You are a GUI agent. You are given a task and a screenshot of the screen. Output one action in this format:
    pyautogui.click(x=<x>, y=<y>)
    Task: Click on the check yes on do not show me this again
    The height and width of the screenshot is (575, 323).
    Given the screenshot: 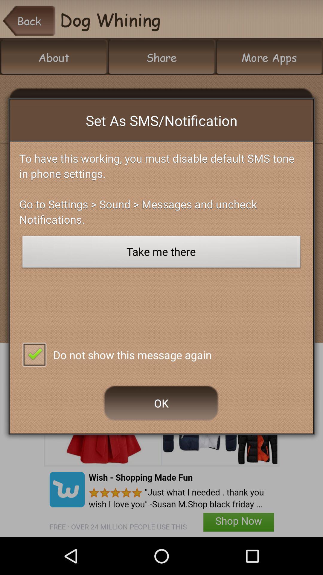 What is the action you would take?
    pyautogui.click(x=34, y=354)
    